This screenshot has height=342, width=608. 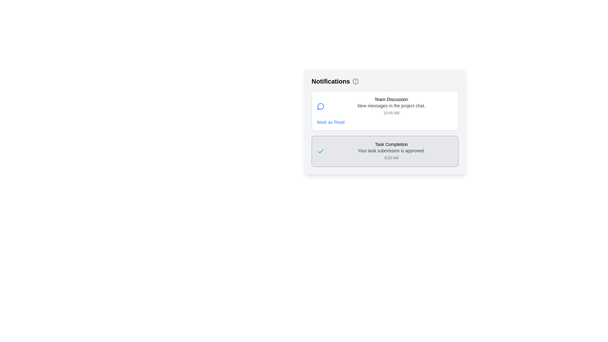 I want to click on timestamp displayed as '10:45 AM' in gray color at the bottom-right corner of the notification card titled 'Team Discussion', so click(x=391, y=113).